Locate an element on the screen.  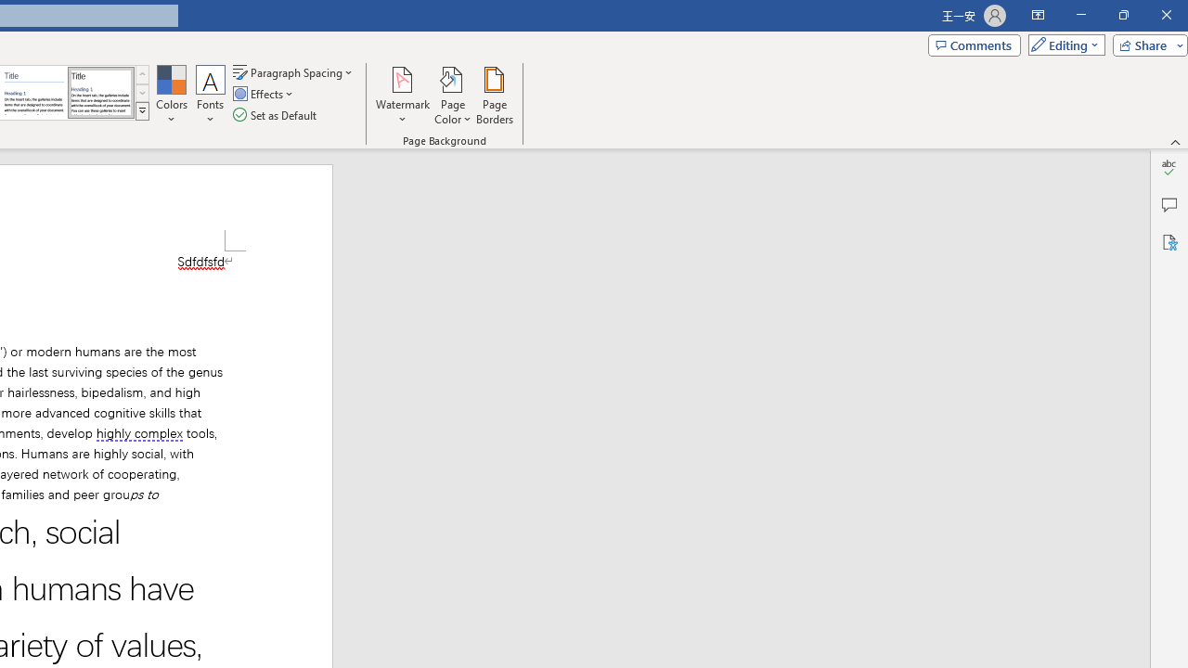
'Paragraph Spacing' is located at coordinates (293, 71).